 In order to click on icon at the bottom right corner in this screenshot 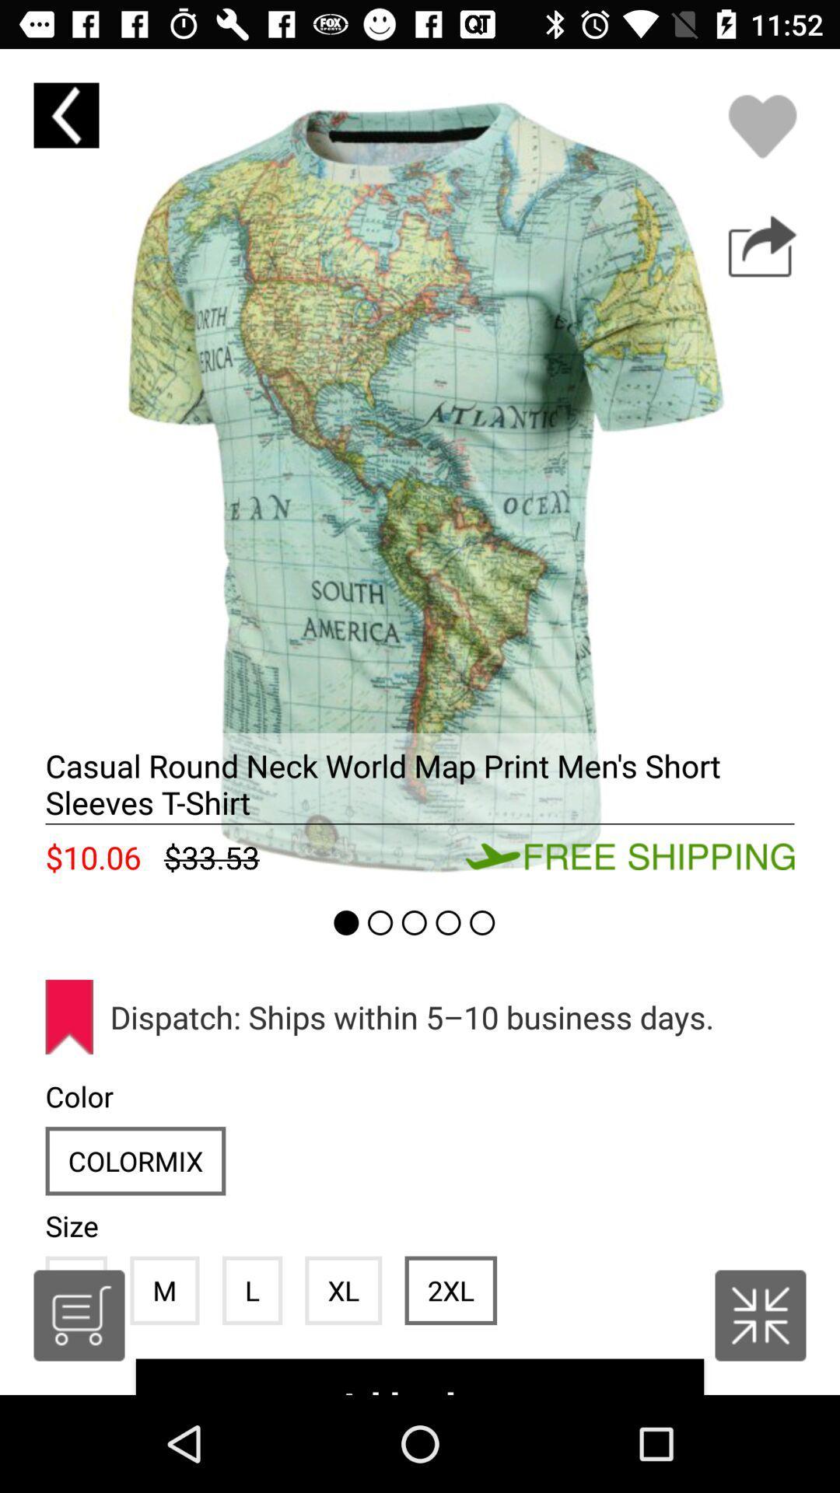, I will do `click(760, 1314)`.